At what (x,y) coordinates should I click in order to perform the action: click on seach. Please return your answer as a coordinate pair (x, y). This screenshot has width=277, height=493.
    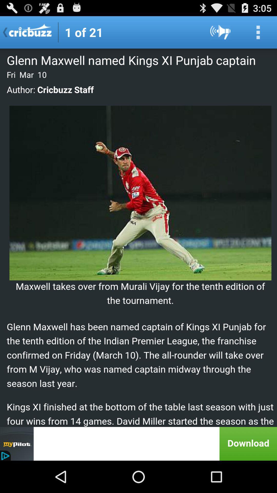
    Looking at the image, I should click on (258, 32).